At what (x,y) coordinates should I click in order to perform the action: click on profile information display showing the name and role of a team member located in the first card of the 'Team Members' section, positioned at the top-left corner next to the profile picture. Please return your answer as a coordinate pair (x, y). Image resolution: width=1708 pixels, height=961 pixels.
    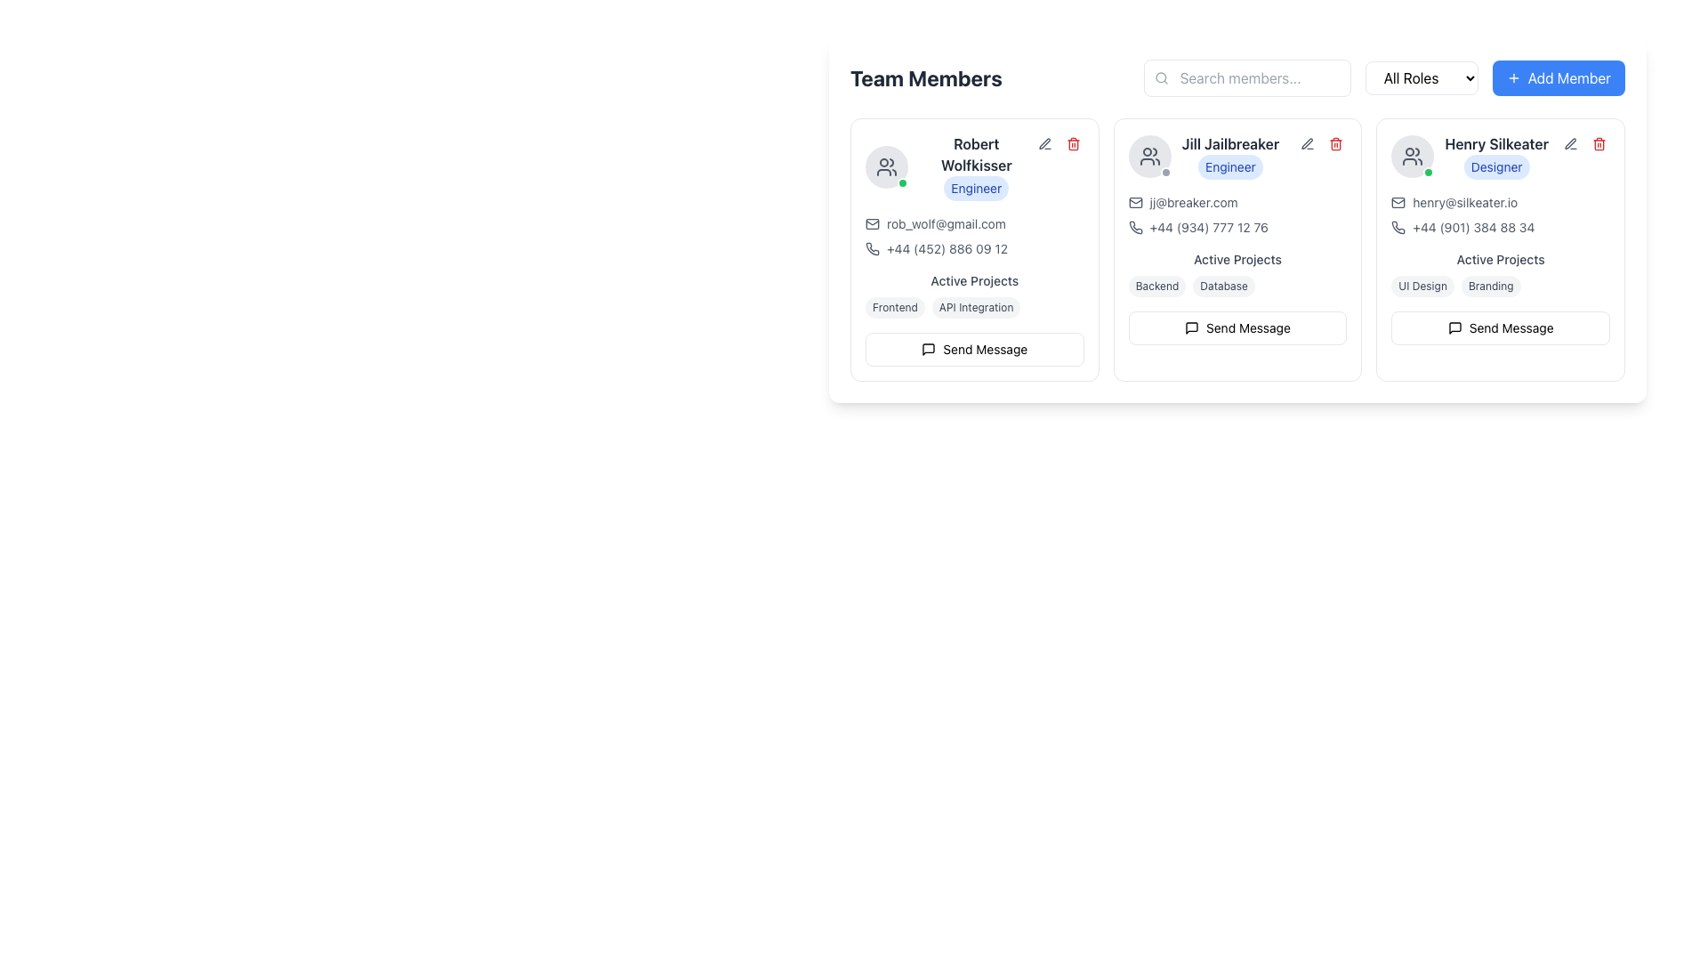
    Looking at the image, I should click on (948, 167).